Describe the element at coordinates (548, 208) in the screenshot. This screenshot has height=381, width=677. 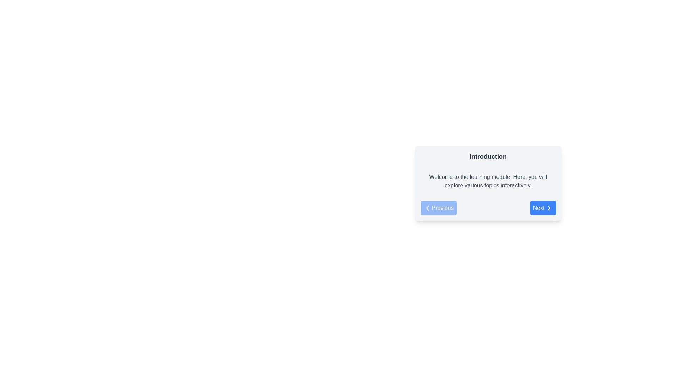
I see `the chevron right icon within the blue 'Next' button at the bottom-right of the dialog box` at that location.